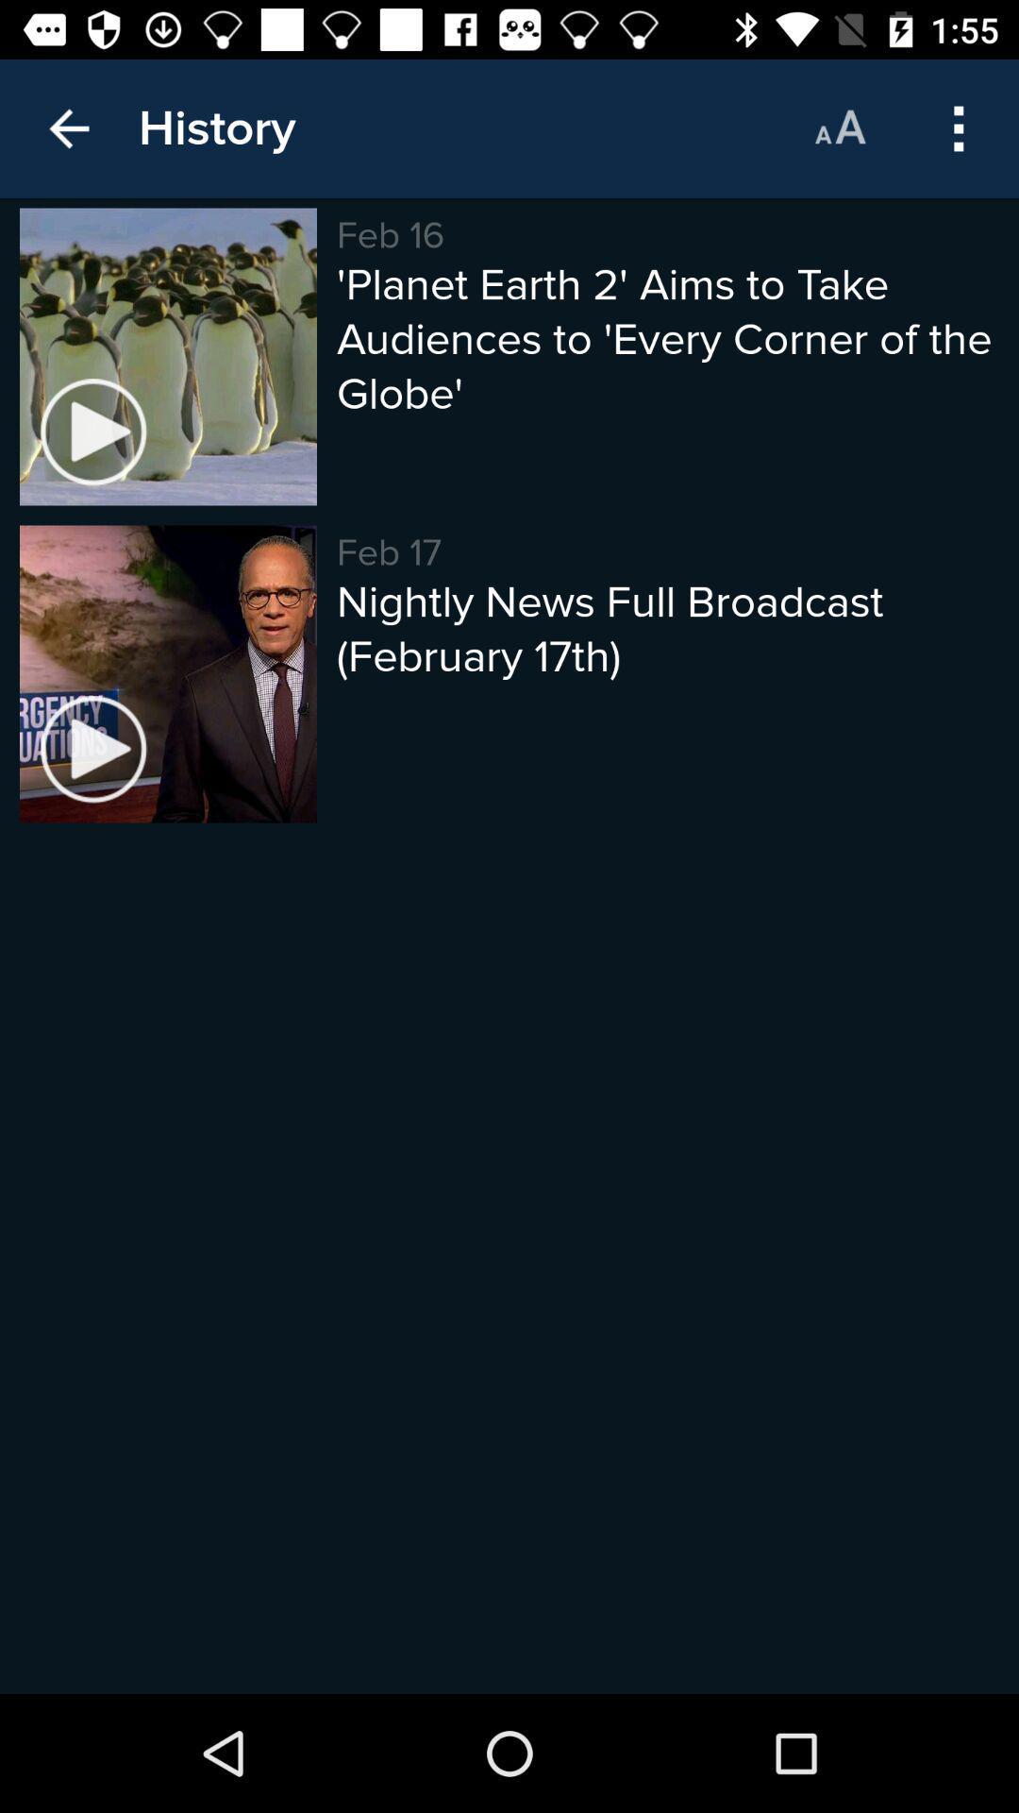 The height and width of the screenshot is (1813, 1019). Describe the element at coordinates (216, 127) in the screenshot. I see `the item to the left of feb 16 item` at that location.